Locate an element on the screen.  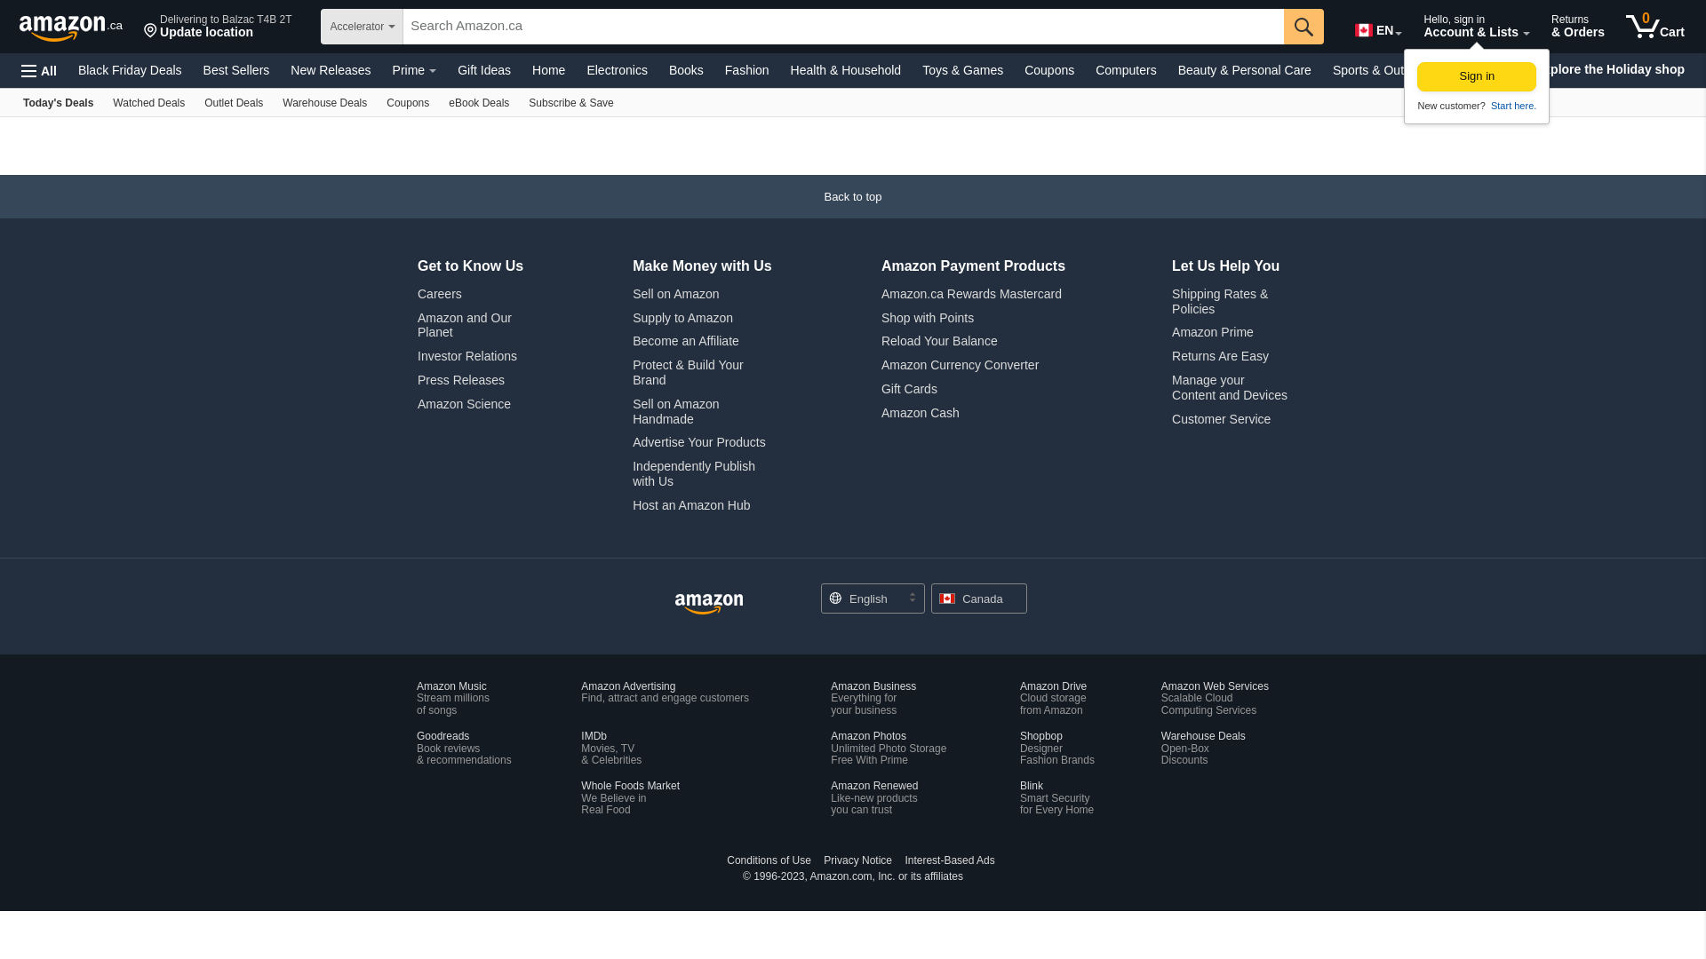
'Warehouse Deals is located at coordinates (1203, 748).